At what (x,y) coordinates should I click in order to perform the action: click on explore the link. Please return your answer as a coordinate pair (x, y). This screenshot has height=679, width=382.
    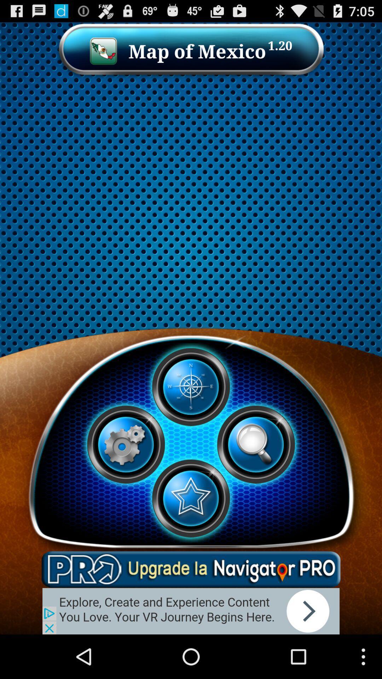
    Looking at the image, I should click on (191, 611).